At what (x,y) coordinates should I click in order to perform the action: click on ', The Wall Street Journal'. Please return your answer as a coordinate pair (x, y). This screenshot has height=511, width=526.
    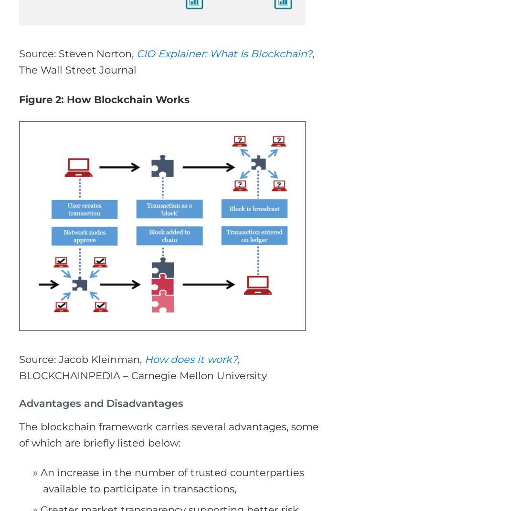
    Looking at the image, I should click on (19, 62).